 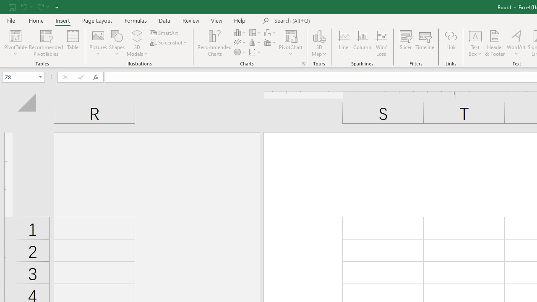 What do you see at coordinates (318, 35) in the screenshot?
I see `'3D Map'` at bounding box center [318, 35].